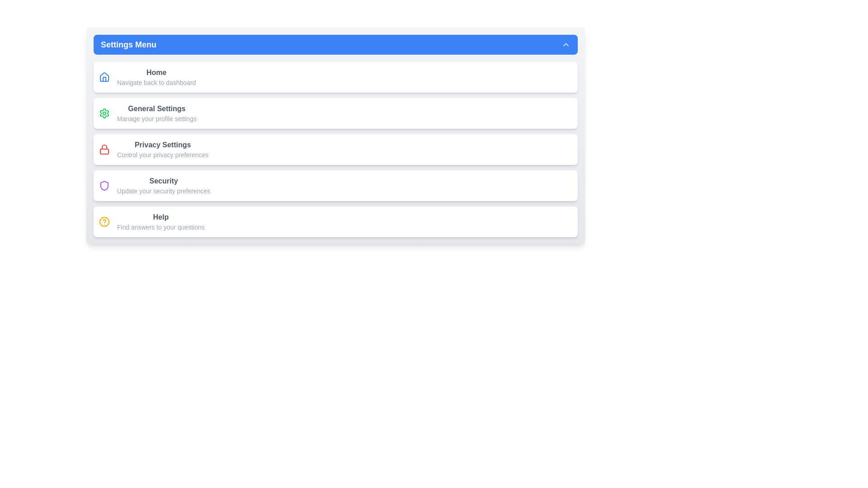 The width and height of the screenshot is (868, 488). I want to click on the red padlock icon representing privacy settings located in the third row of the settings menu, so click(104, 149).